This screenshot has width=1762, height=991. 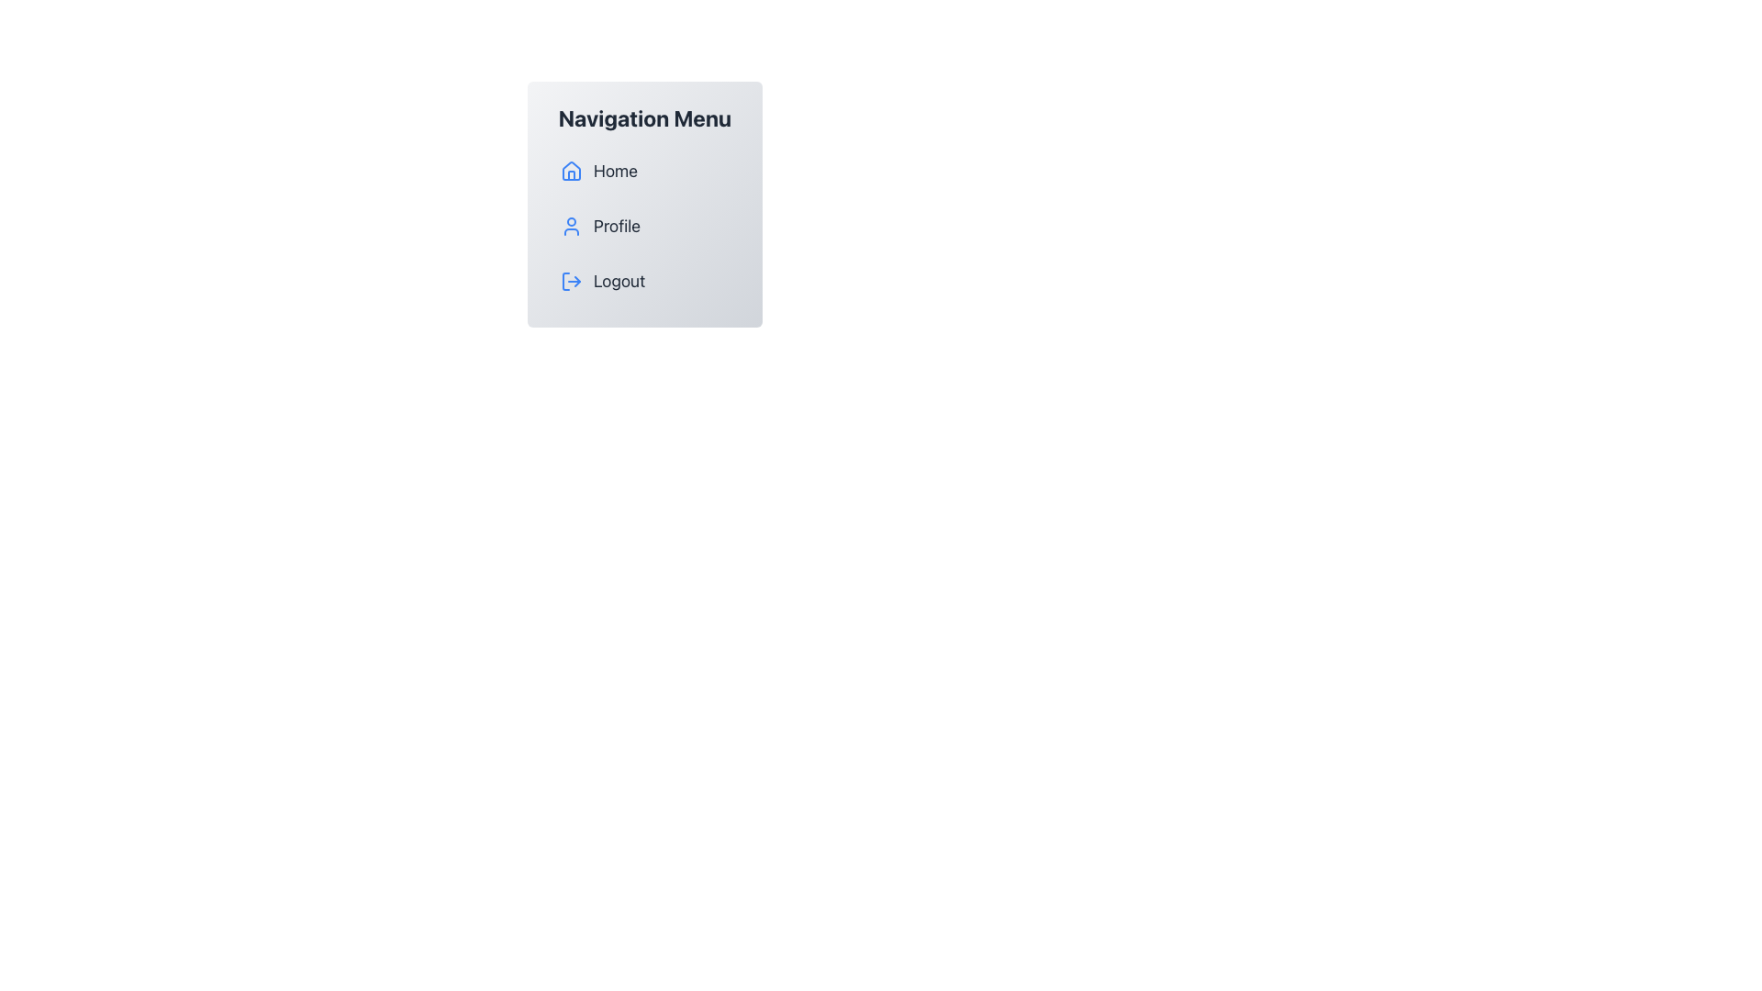 I want to click on the logout icon located within the 'Logout' option of the navigation menu to interact with it, so click(x=571, y=282).